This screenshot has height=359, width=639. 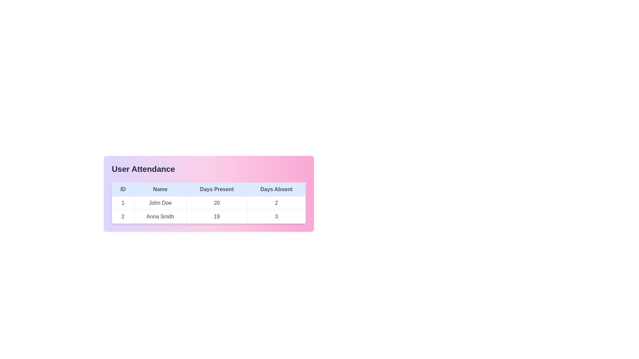 What do you see at coordinates (276, 202) in the screenshot?
I see `the table cell containing the text '2' under the 'Days Absent' column for user 'John Doe'` at bounding box center [276, 202].